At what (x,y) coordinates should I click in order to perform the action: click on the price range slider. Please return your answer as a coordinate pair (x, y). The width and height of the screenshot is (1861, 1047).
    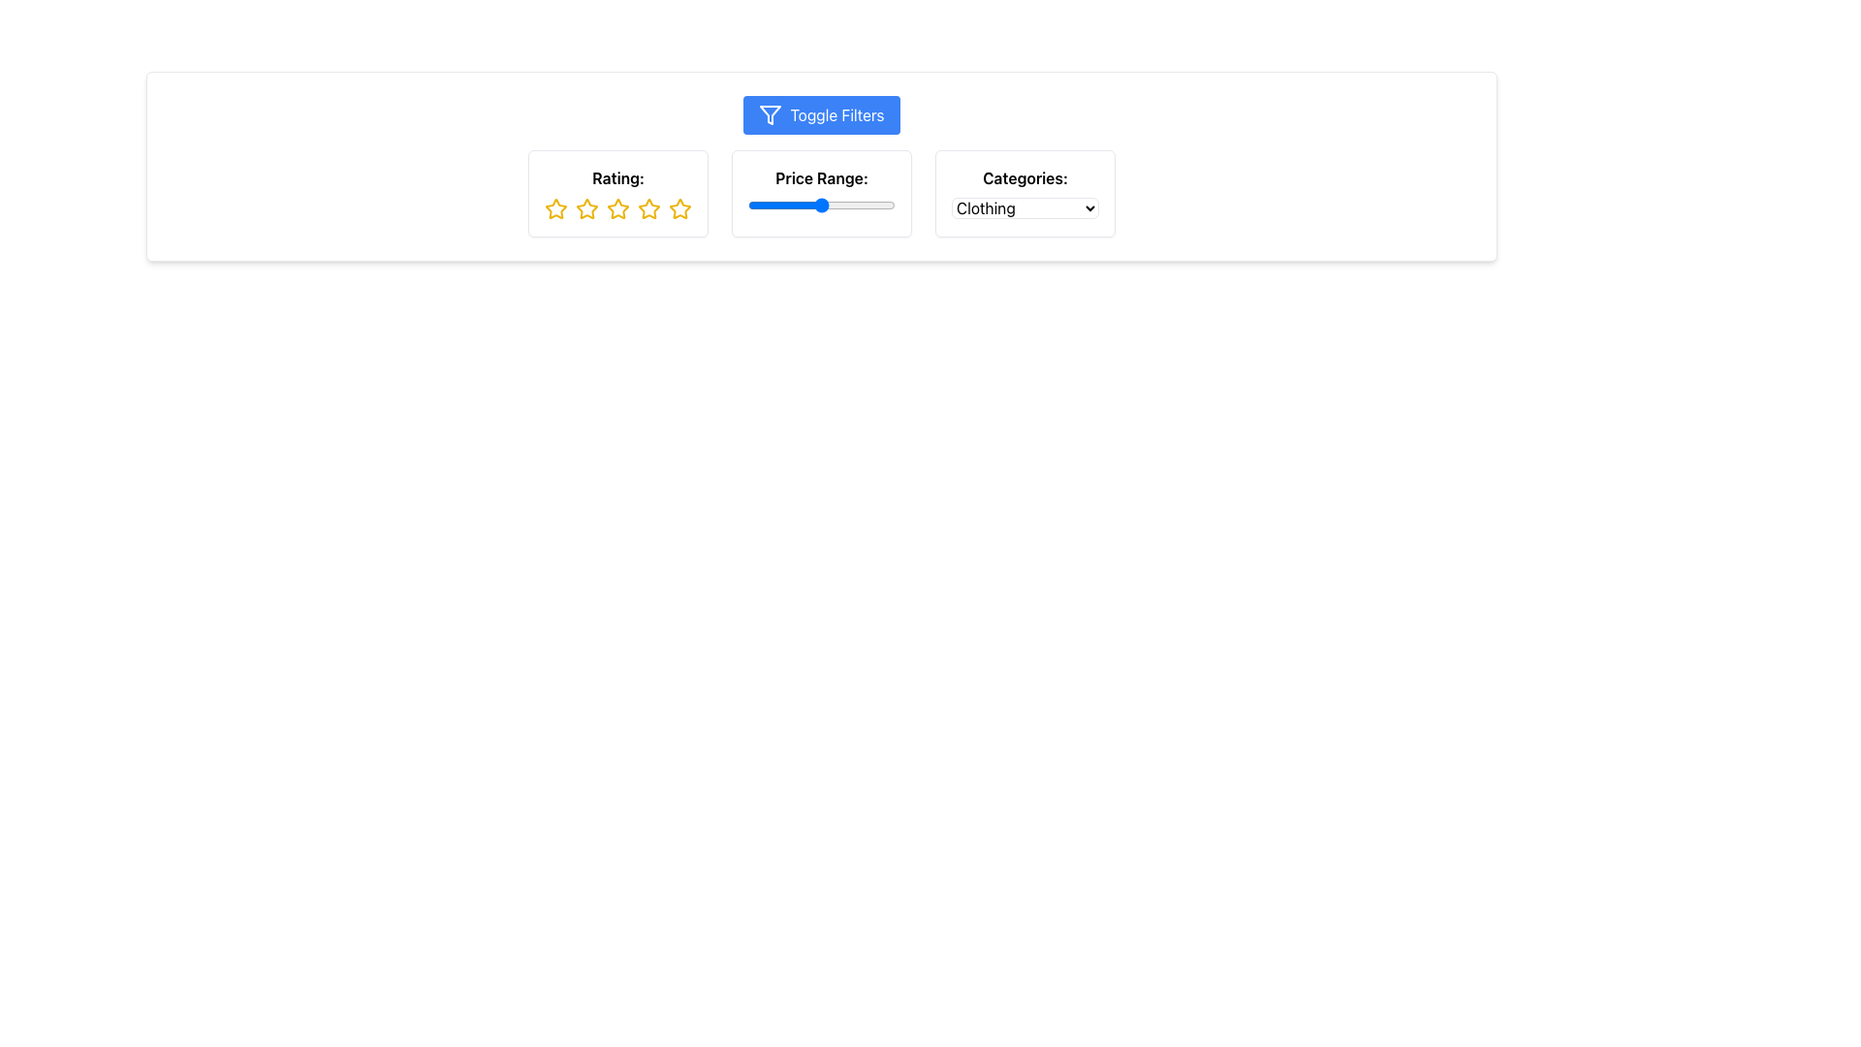
    Looking at the image, I should click on (862, 206).